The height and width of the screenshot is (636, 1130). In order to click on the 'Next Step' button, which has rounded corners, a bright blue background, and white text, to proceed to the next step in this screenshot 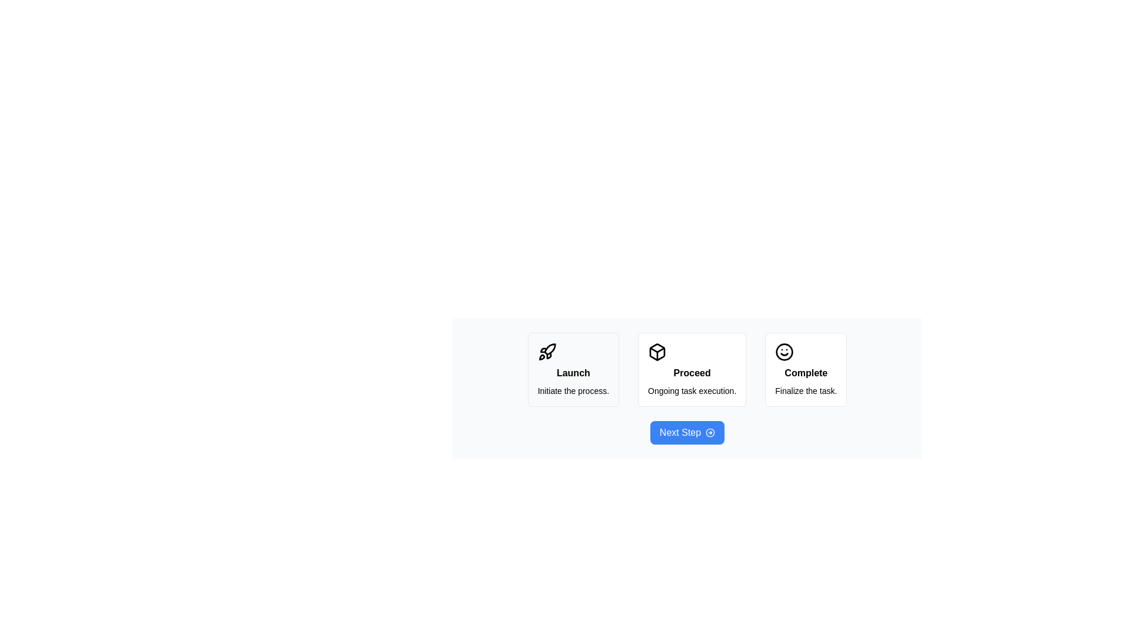, I will do `click(687, 433)`.